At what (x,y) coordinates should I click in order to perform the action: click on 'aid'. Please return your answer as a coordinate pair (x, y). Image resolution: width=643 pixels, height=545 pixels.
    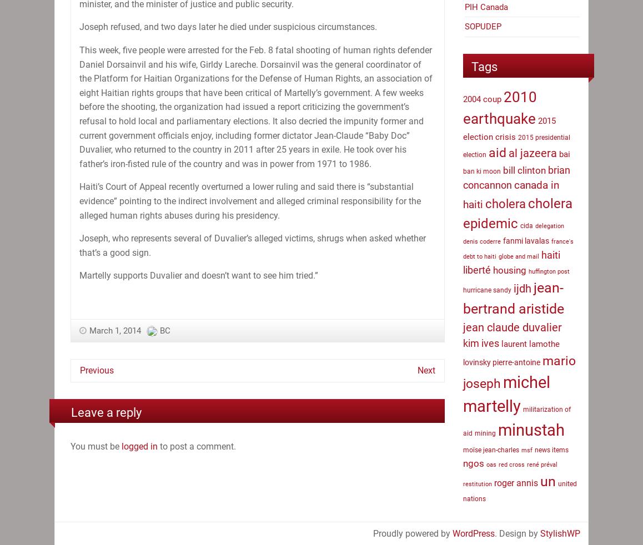
    Looking at the image, I should click on (488, 152).